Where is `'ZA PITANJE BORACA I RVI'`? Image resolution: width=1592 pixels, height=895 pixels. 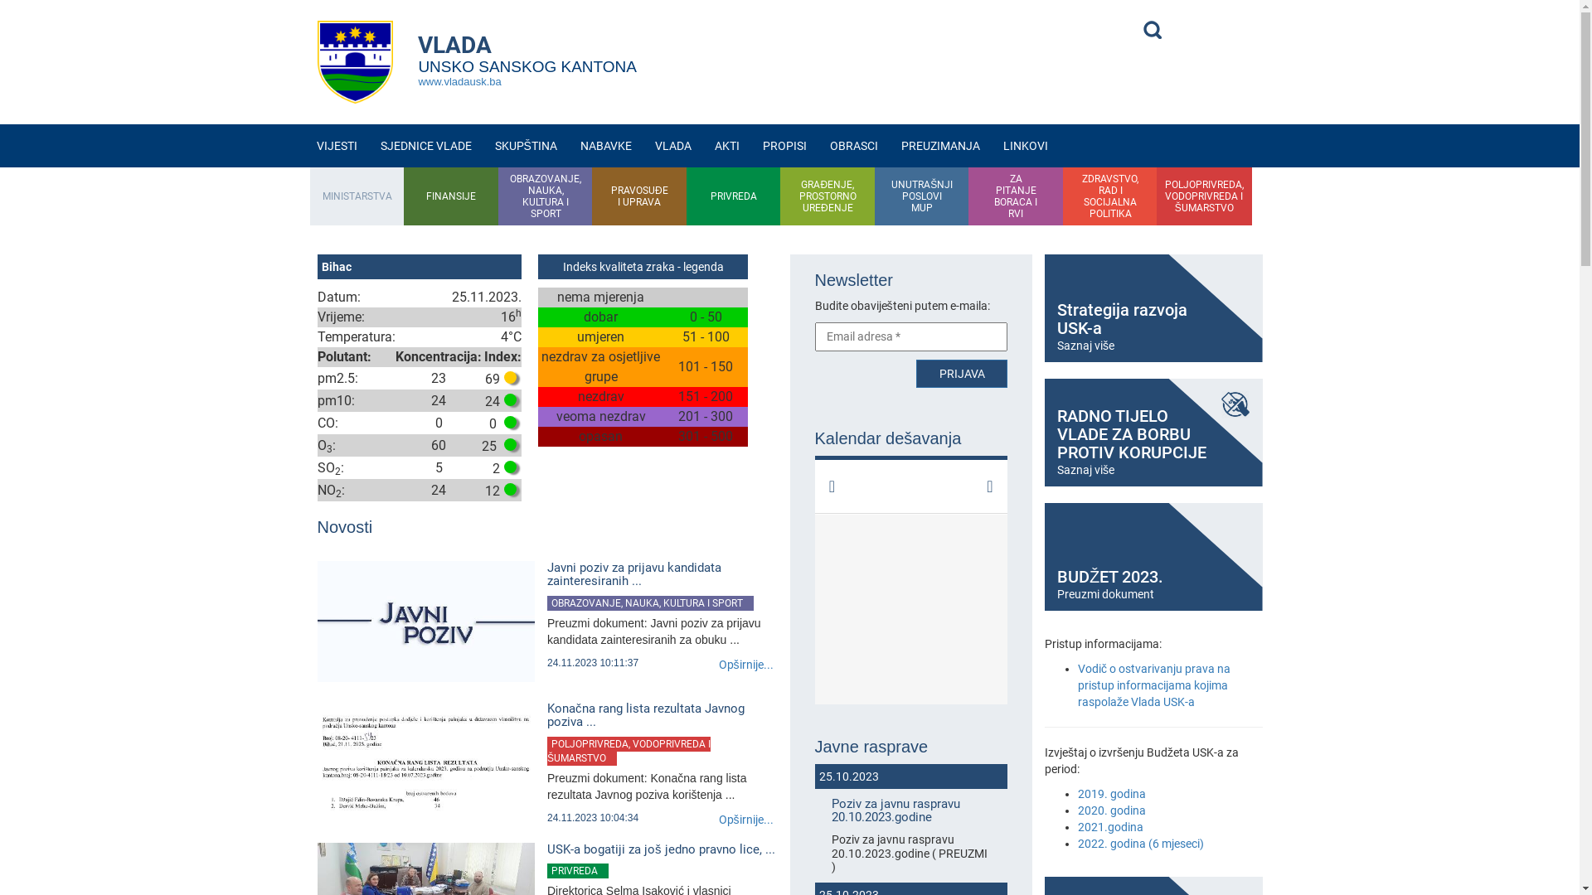
'ZA PITANJE BORACA I RVI' is located at coordinates (1015, 195).